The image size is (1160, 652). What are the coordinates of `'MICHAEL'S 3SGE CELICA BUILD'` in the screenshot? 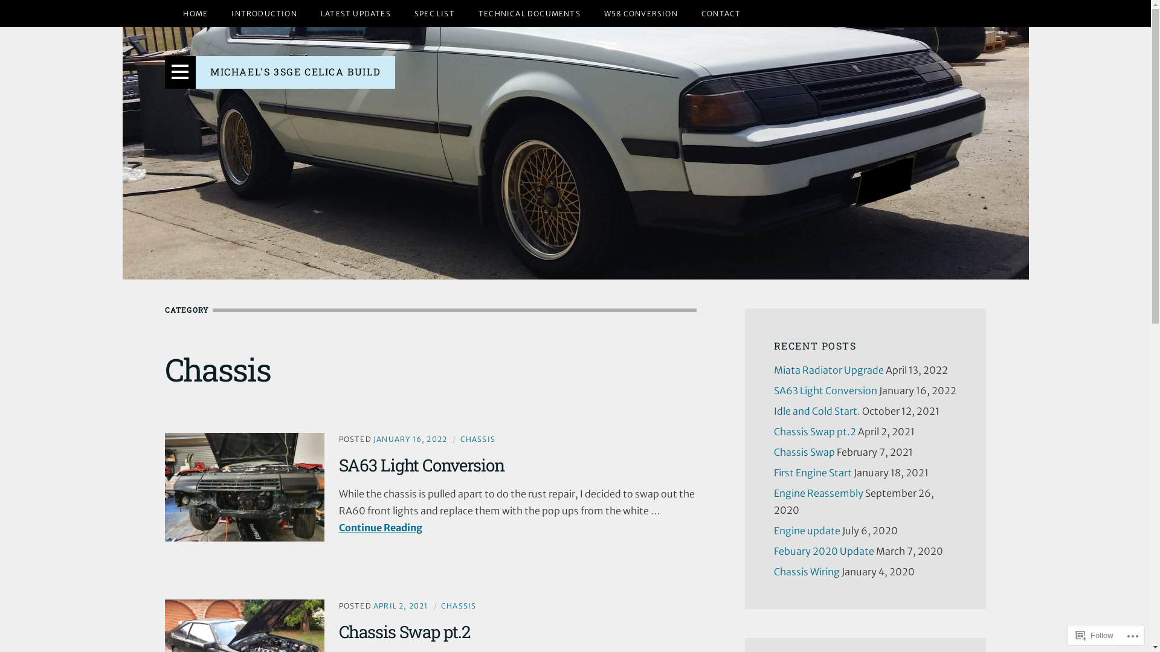 It's located at (295, 71).